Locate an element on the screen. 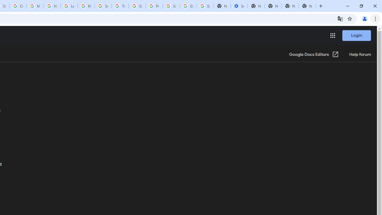  'Google Cybersecurity Innovations - Google Safety Center' is located at coordinates (188, 6).